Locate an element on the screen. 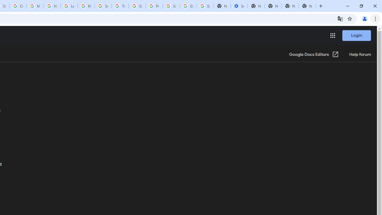  'Google Cybersecurity Innovations - Google Safety Center' is located at coordinates (188, 6).